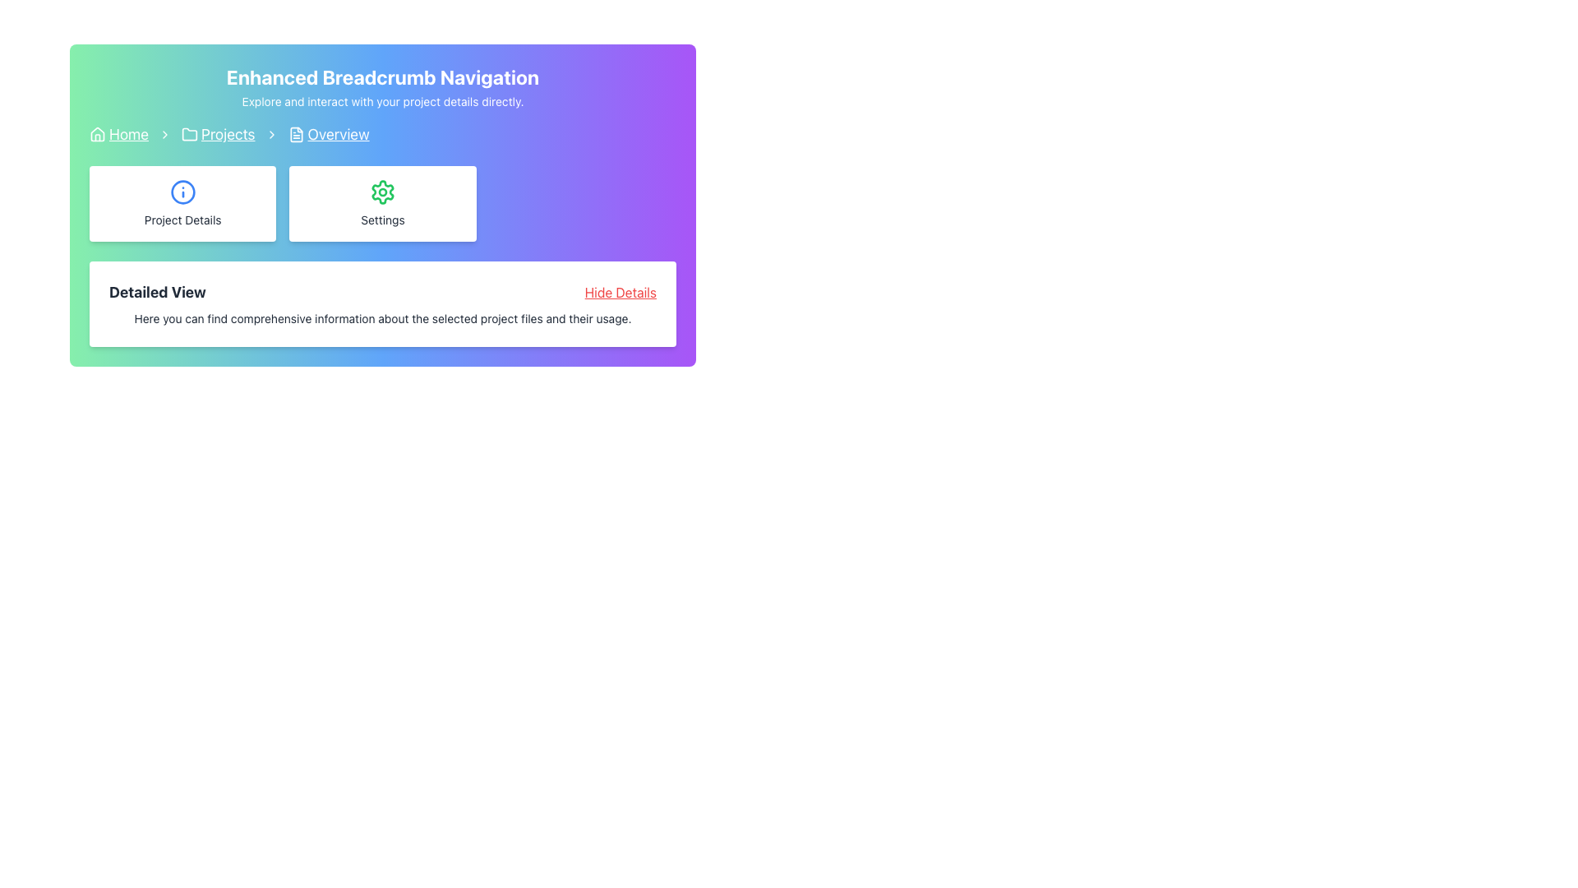 This screenshot has height=888, width=1578. I want to click on the 'Overview' hyperlink located in the breadcrumb navigation trail, styled with an underline and positioned to the right of the 'Projects' item, so click(329, 134).